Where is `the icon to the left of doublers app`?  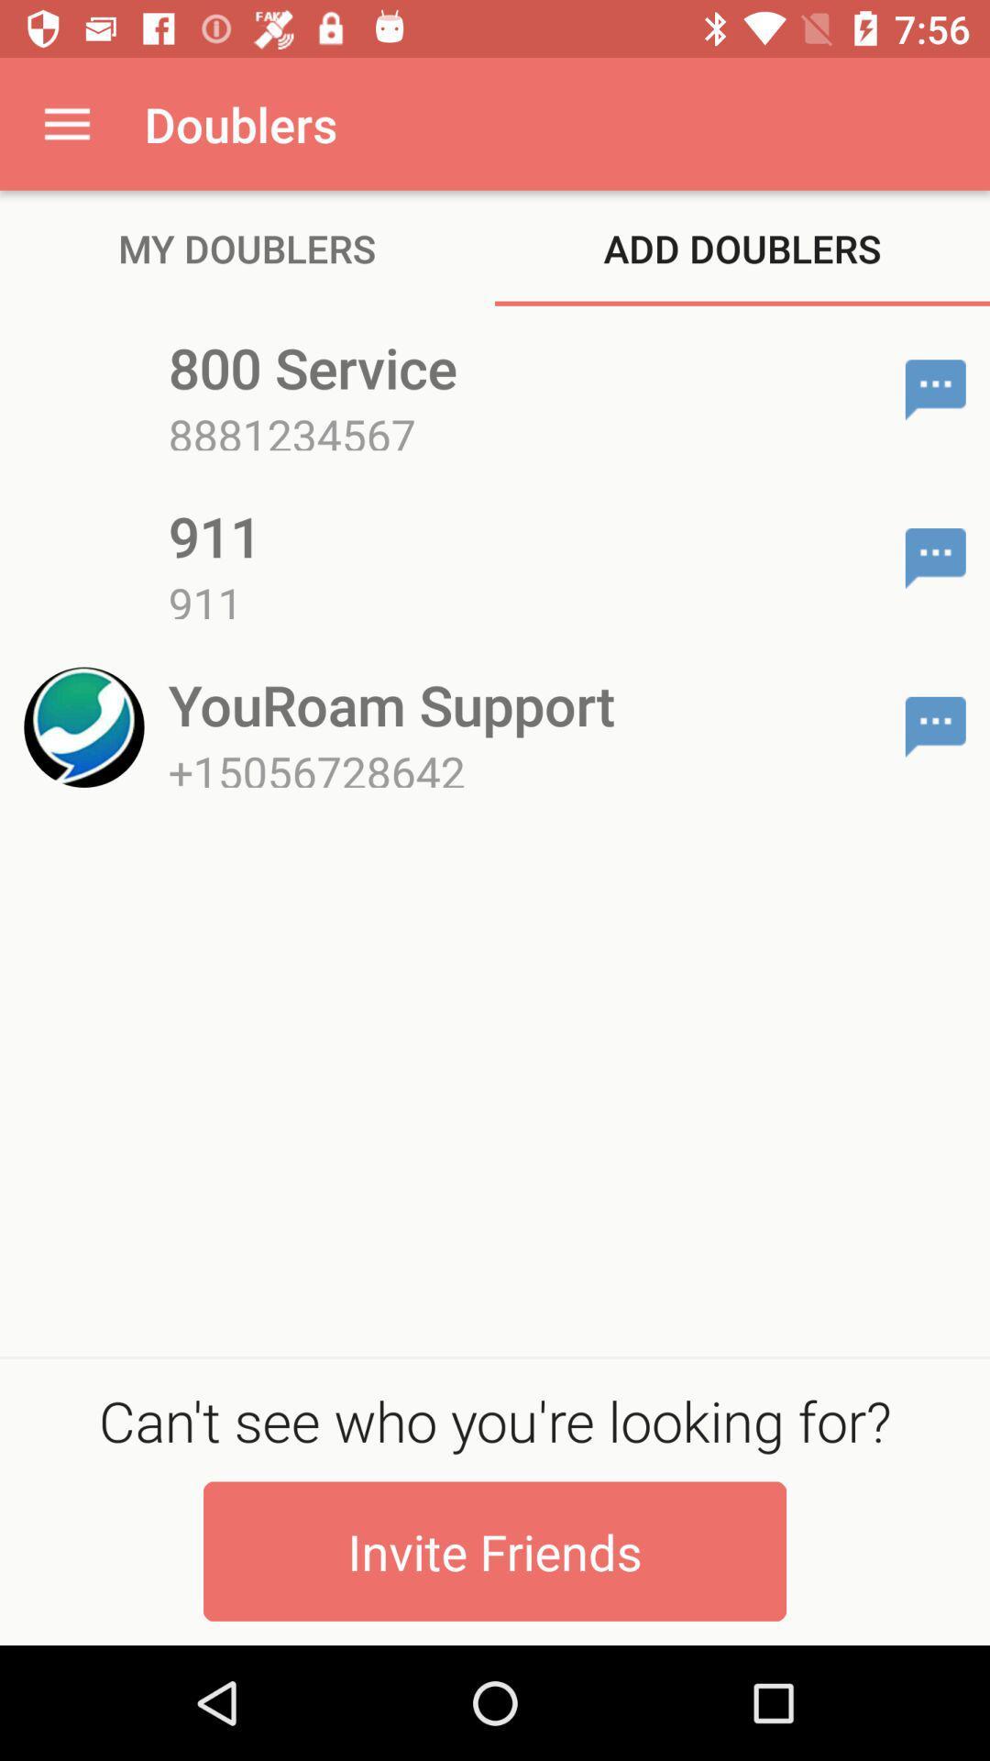
the icon to the left of doublers app is located at coordinates (66, 123).